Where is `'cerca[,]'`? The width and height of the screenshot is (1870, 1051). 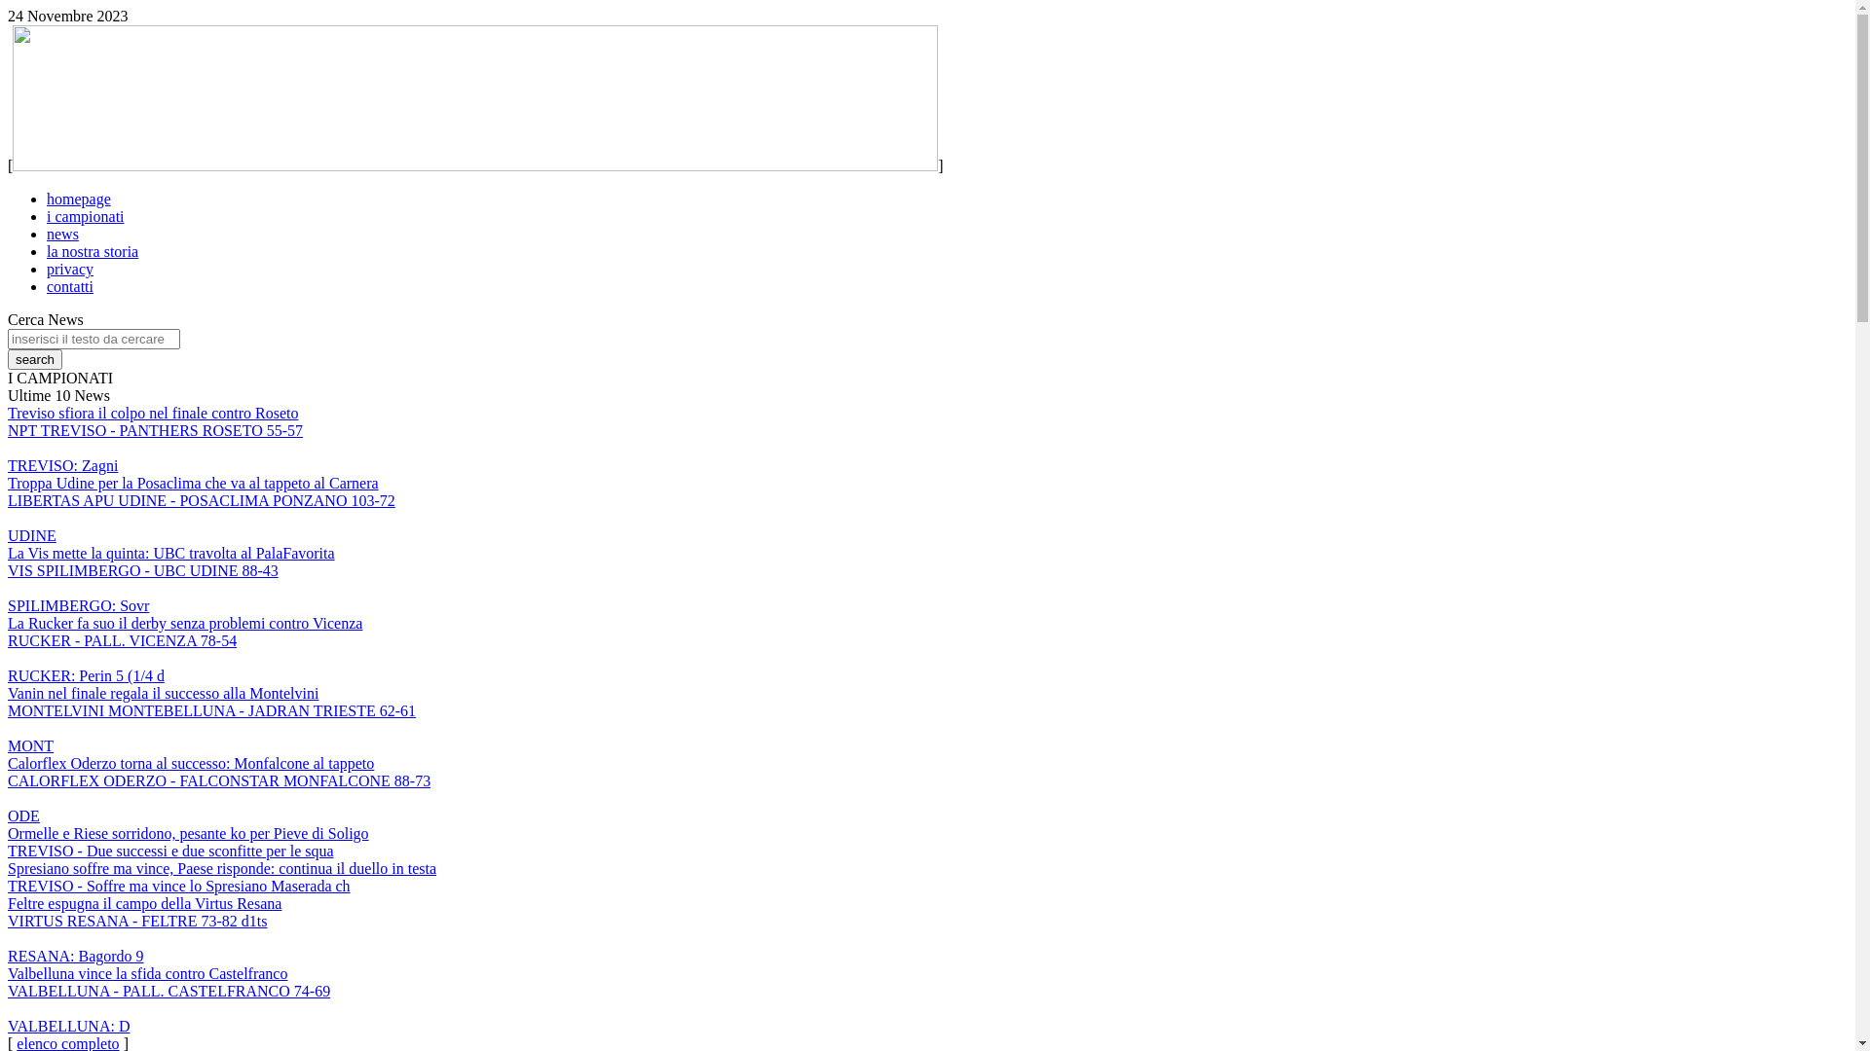 'cerca[,]' is located at coordinates (34, 359).